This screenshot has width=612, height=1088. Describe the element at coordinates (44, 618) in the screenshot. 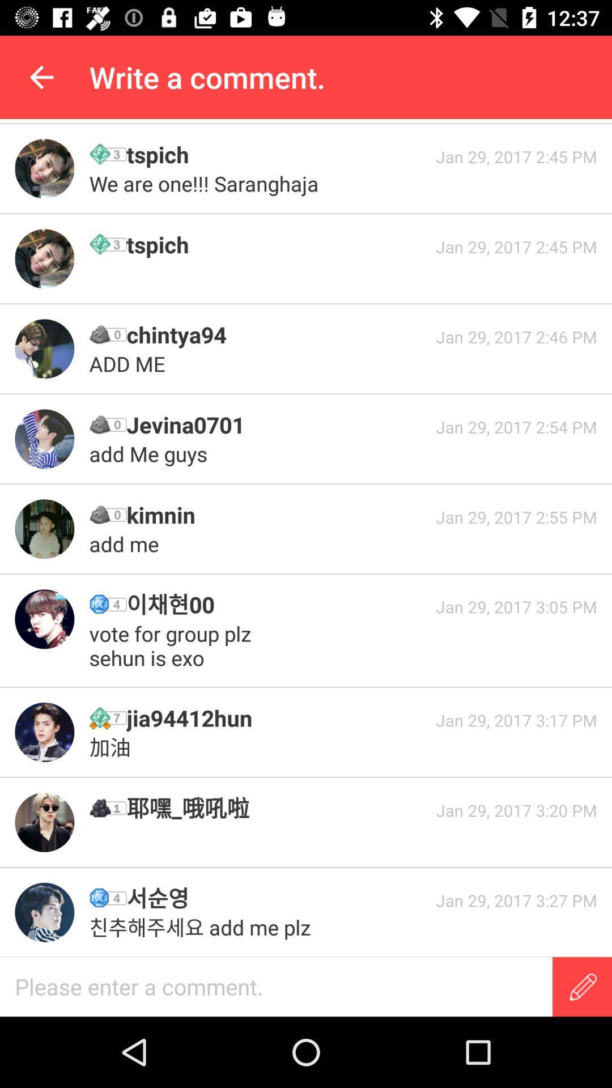

I see `image` at that location.